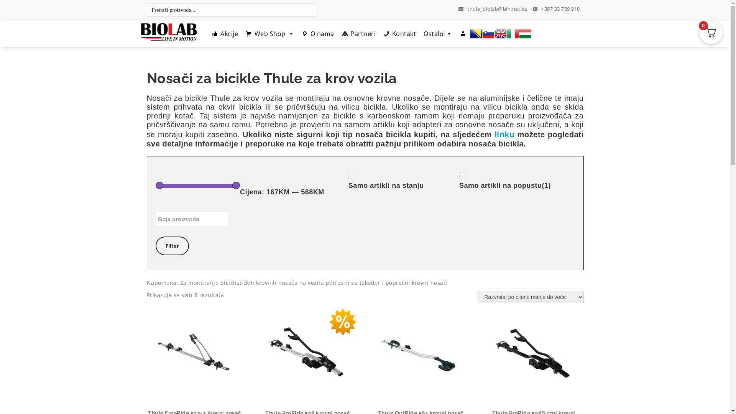  Describe the element at coordinates (438, 33) in the screenshot. I see `'Ostalo'` at that location.